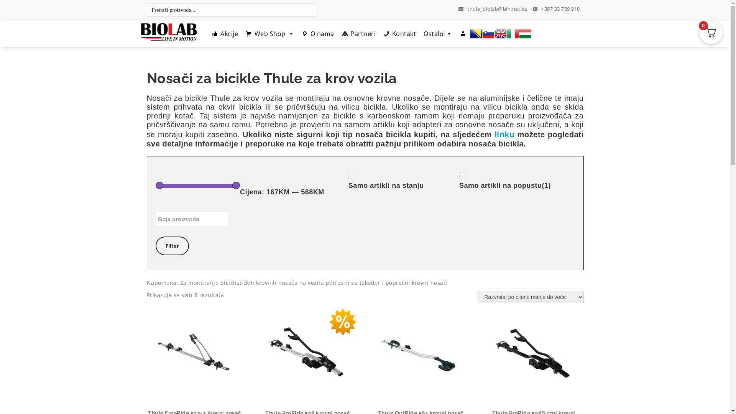  Describe the element at coordinates (438, 33) in the screenshot. I see `'Ostalo'` at that location.